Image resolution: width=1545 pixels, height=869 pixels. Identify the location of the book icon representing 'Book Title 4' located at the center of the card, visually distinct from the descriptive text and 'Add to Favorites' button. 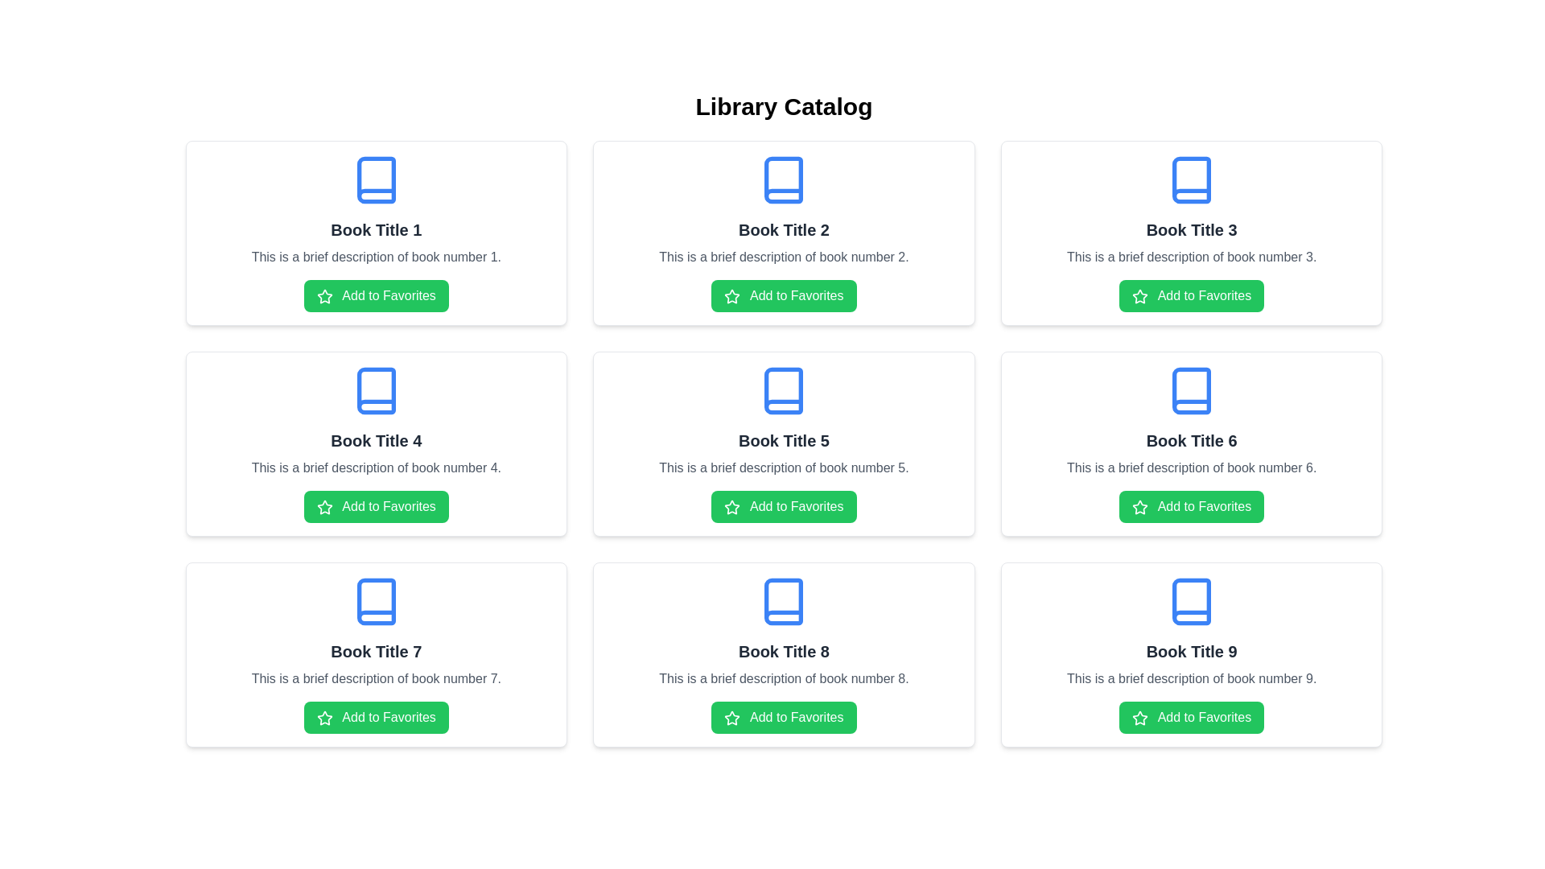
(375, 391).